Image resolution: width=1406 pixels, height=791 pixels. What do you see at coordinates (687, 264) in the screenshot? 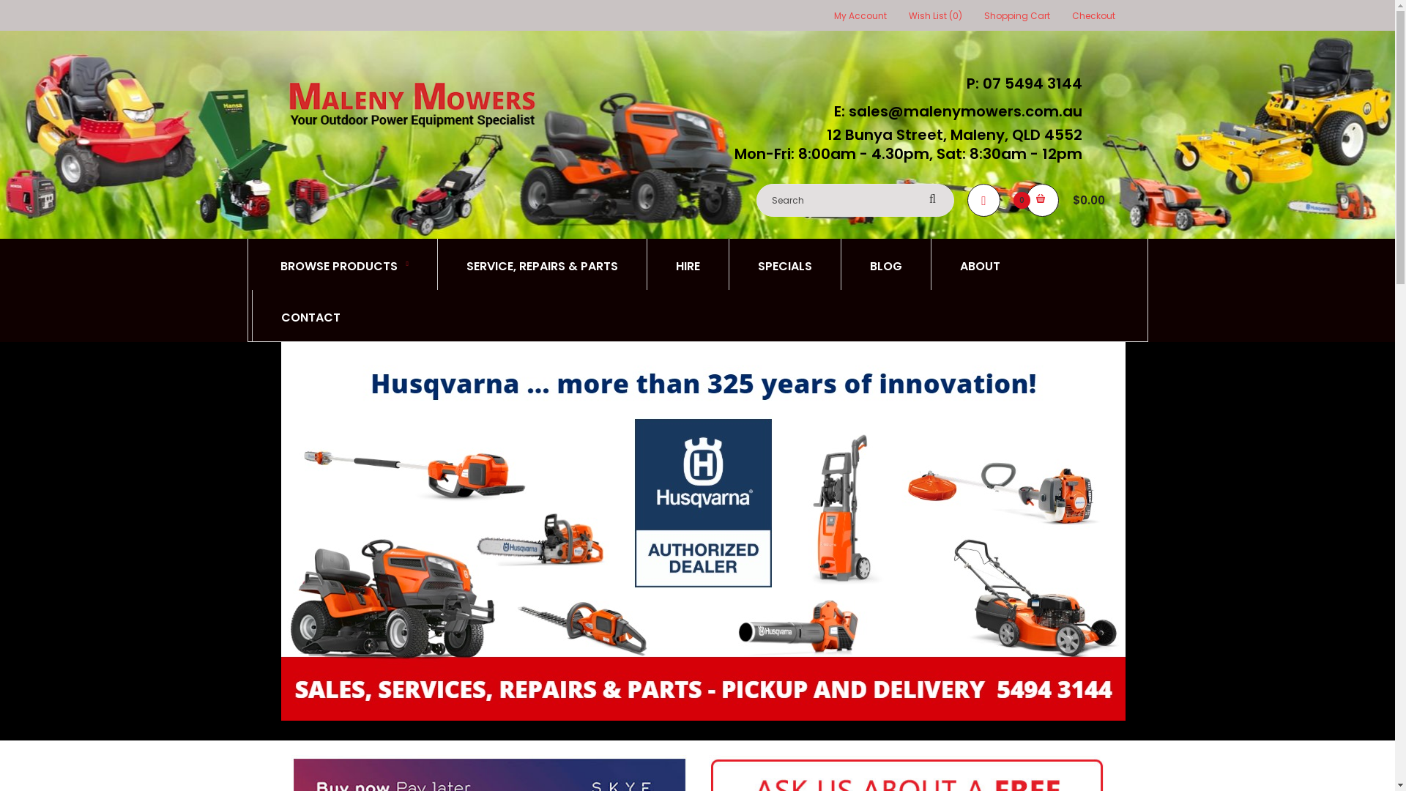
I see `'HIRE'` at bounding box center [687, 264].